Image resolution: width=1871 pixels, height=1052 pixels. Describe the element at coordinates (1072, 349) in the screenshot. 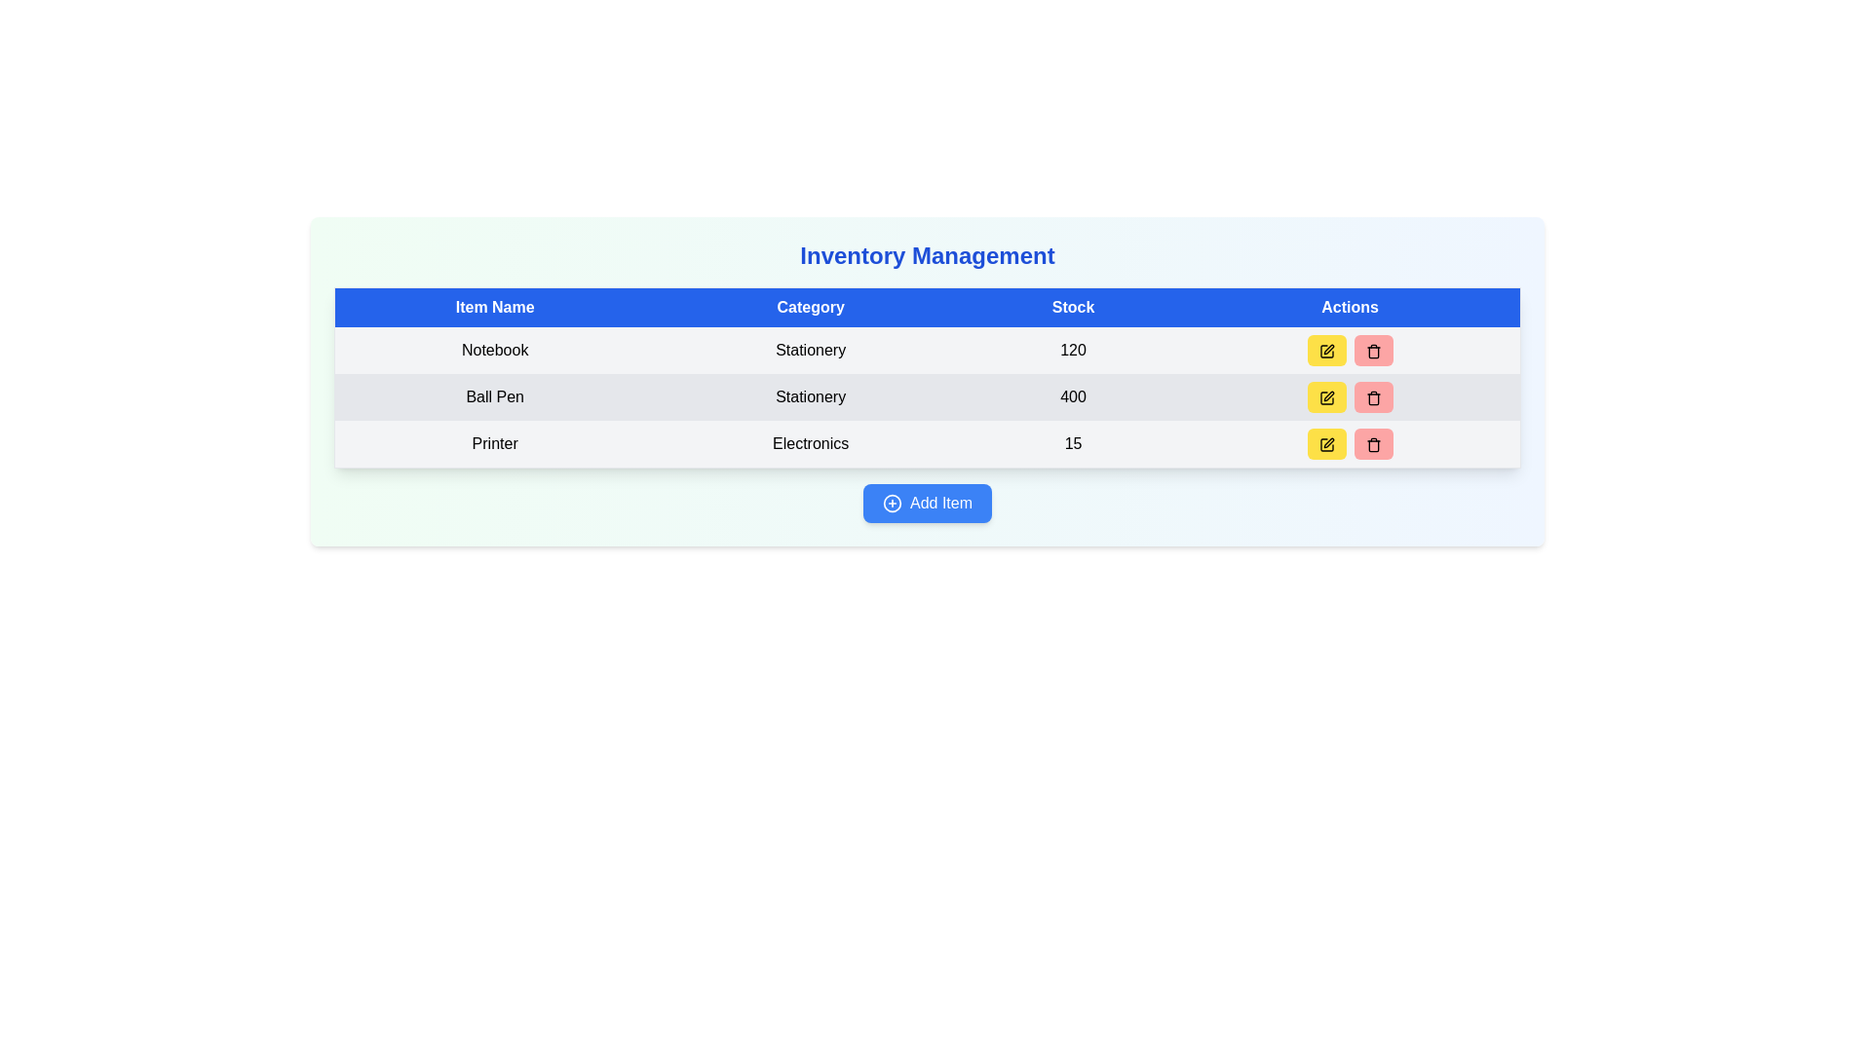

I see `the text label displaying '120' in the third column of the first row under the 'Stock' header` at that location.